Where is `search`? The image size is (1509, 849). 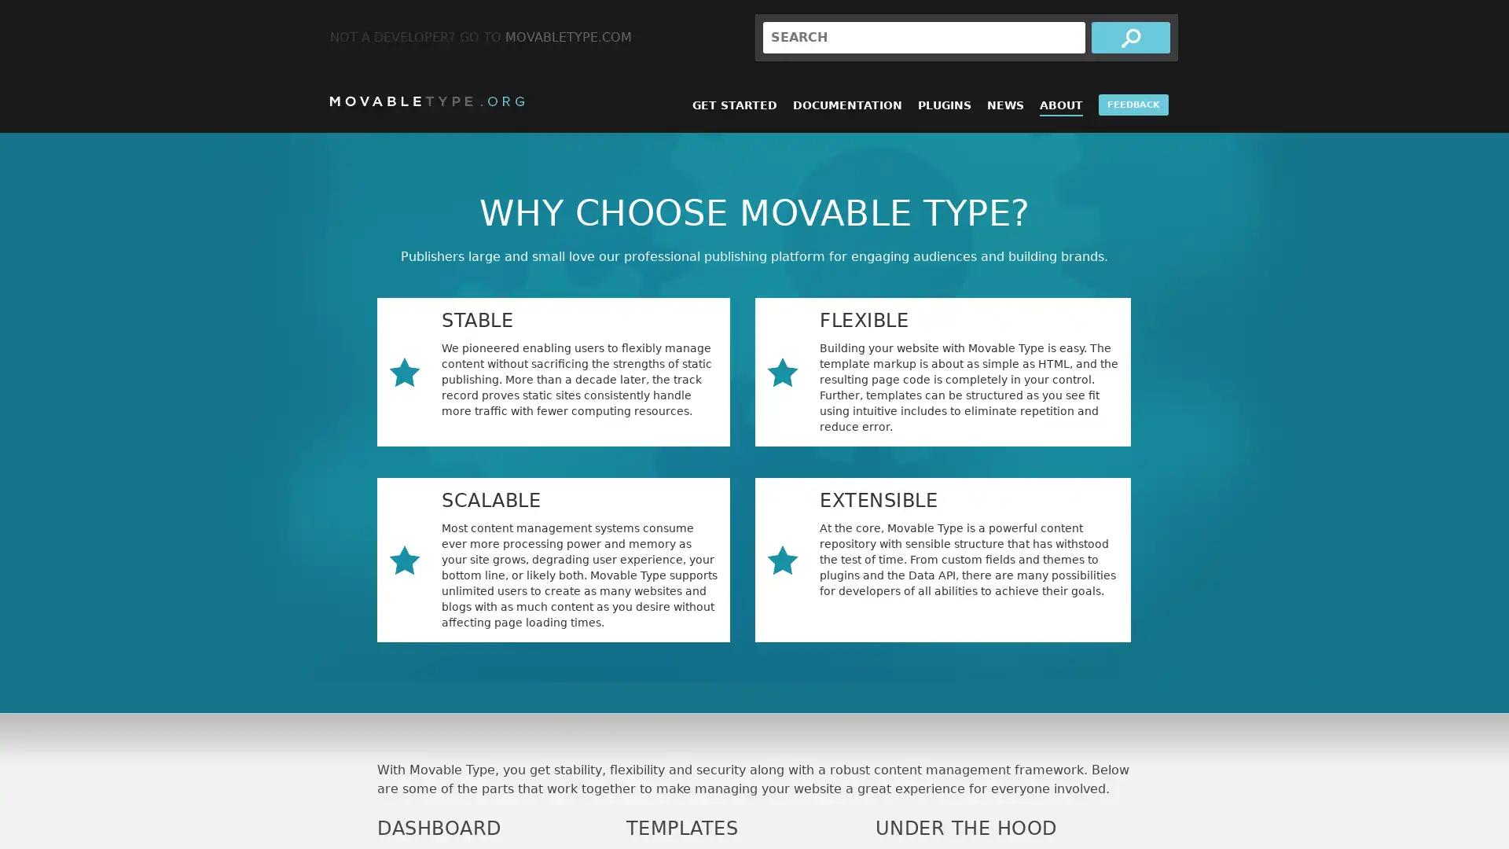 search is located at coordinates (1130, 36).